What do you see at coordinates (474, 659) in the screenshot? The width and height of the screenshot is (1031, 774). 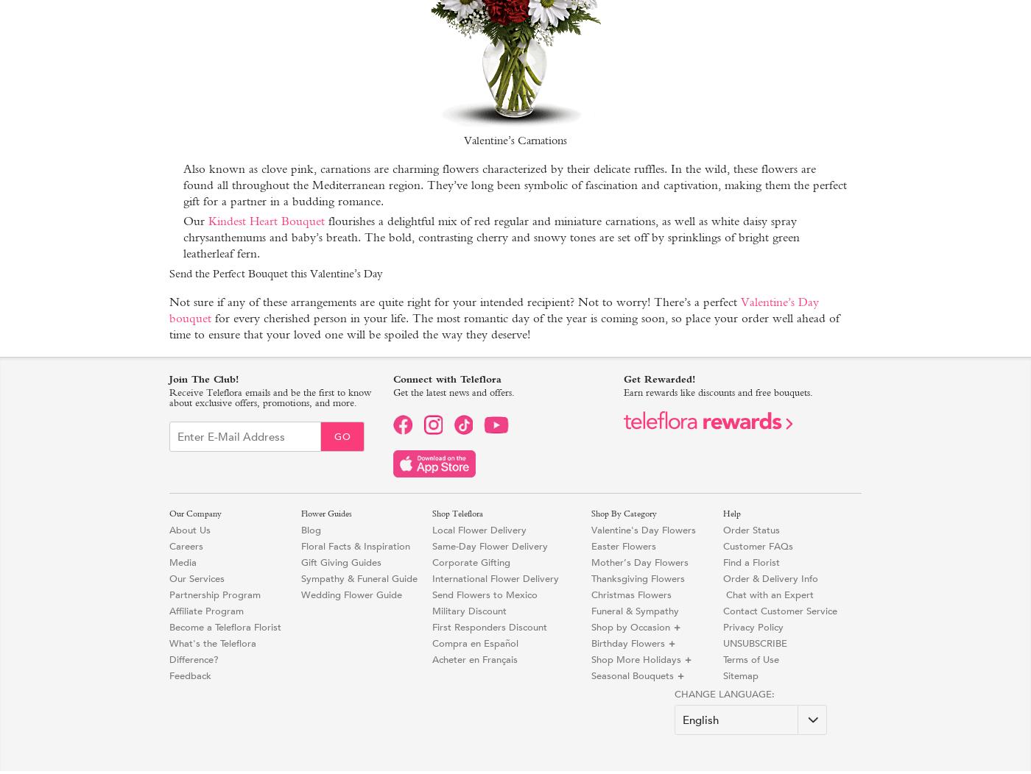 I see `'Acheter en Français'` at bounding box center [474, 659].